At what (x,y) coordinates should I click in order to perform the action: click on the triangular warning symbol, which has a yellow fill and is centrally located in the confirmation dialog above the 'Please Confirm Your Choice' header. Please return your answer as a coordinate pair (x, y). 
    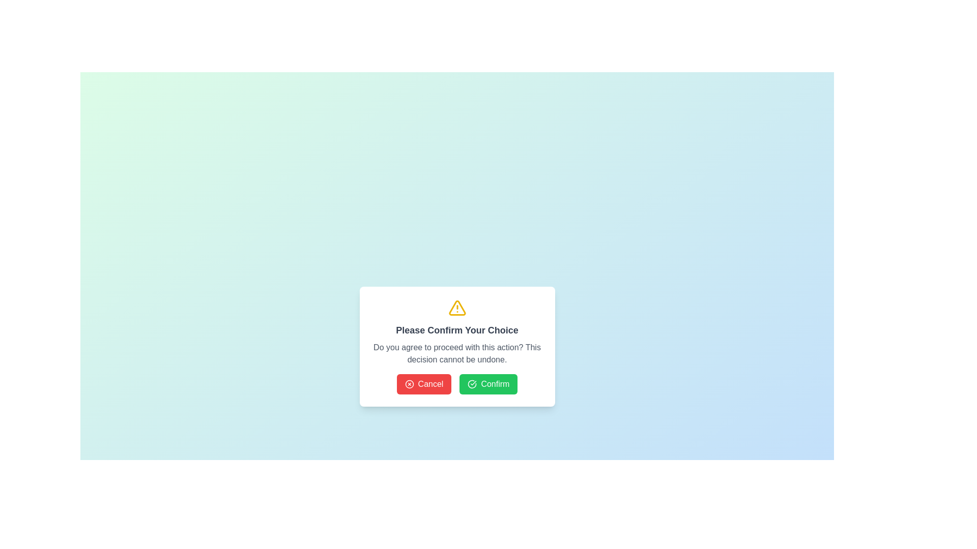
    Looking at the image, I should click on (456, 307).